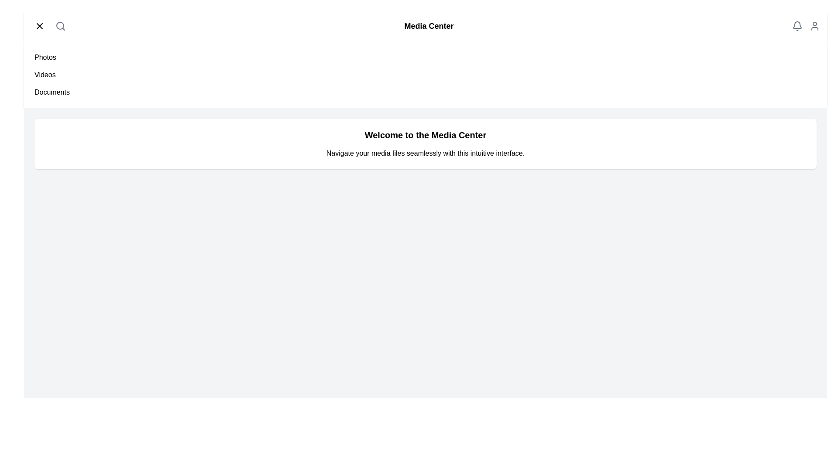 This screenshot has width=838, height=471. Describe the element at coordinates (814, 26) in the screenshot. I see `the user profile icon located in the top-right corner of the MediaAppBar` at that location.